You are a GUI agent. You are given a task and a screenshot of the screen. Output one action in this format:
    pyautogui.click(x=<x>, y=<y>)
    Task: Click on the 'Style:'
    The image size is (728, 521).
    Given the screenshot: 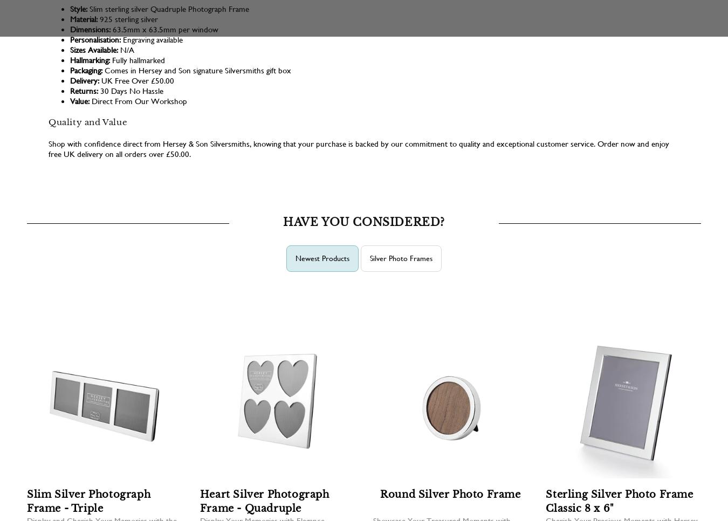 What is the action you would take?
    pyautogui.click(x=70, y=8)
    